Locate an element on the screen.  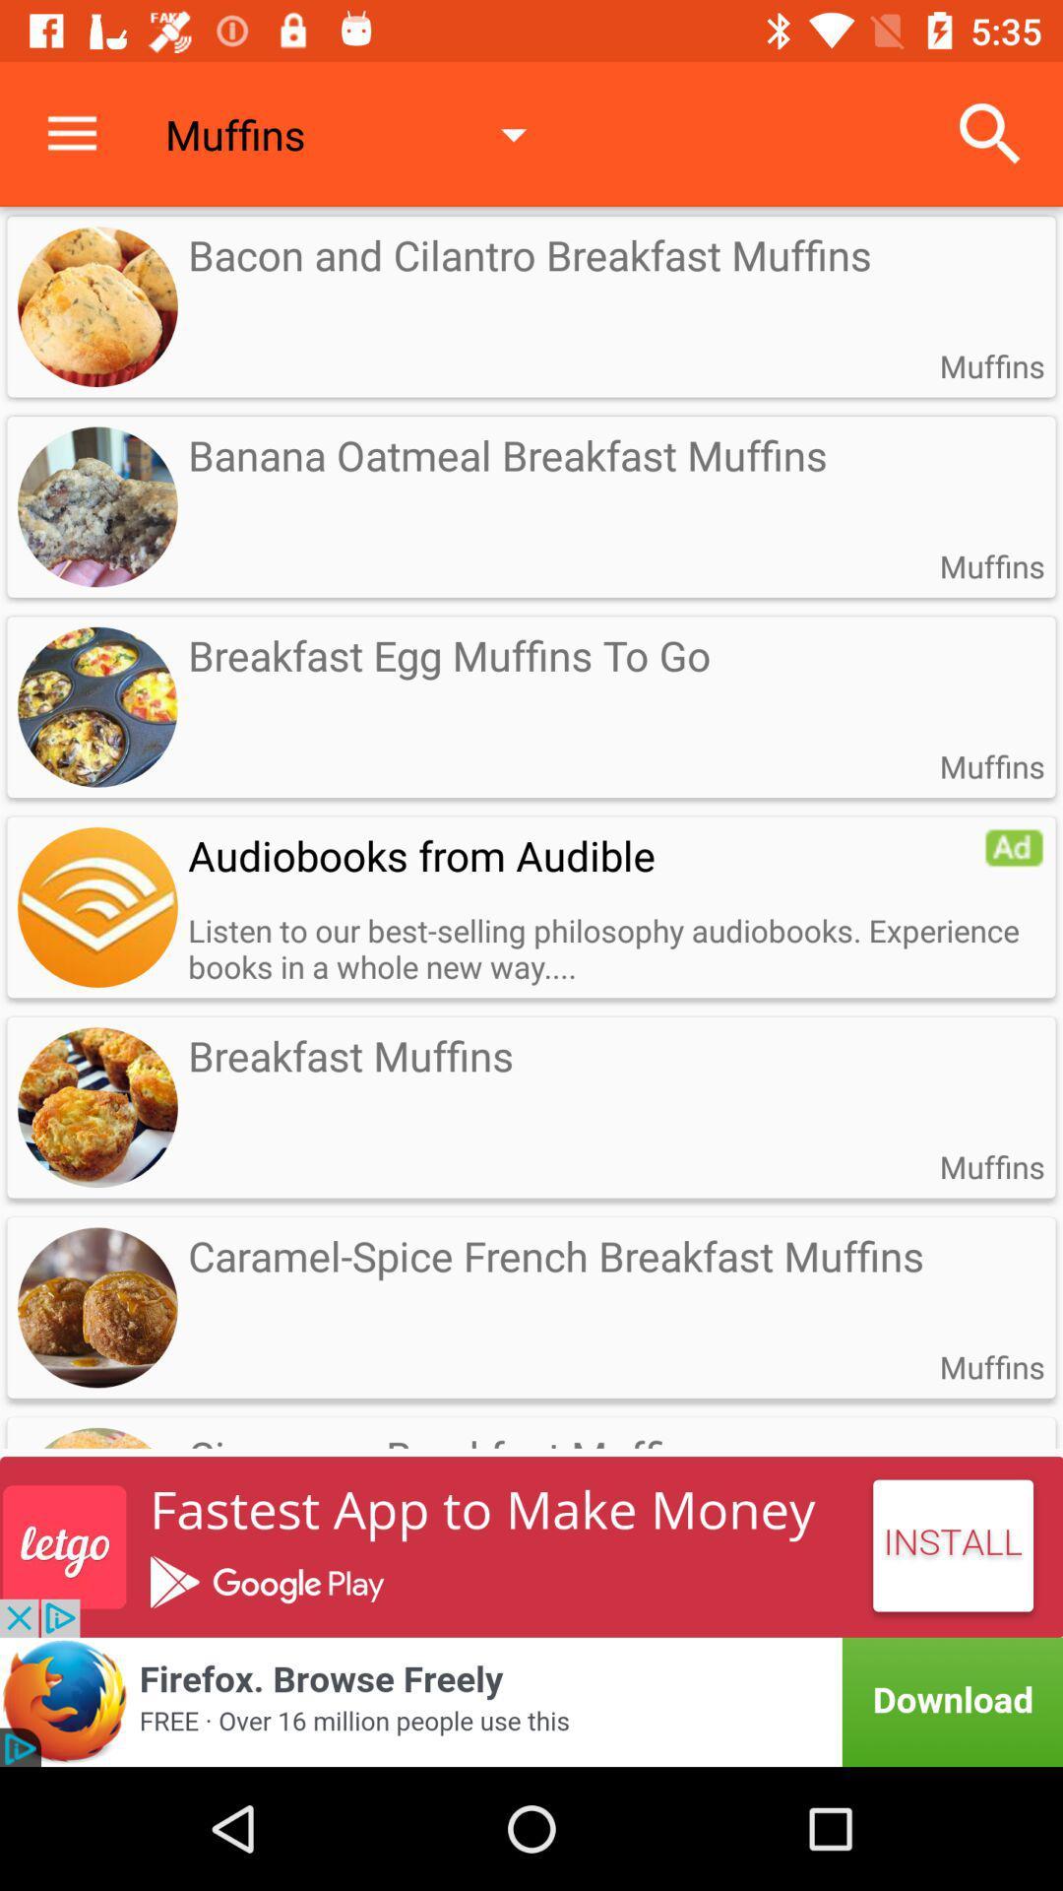
firebox advertisement is located at coordinates (531, 1701).